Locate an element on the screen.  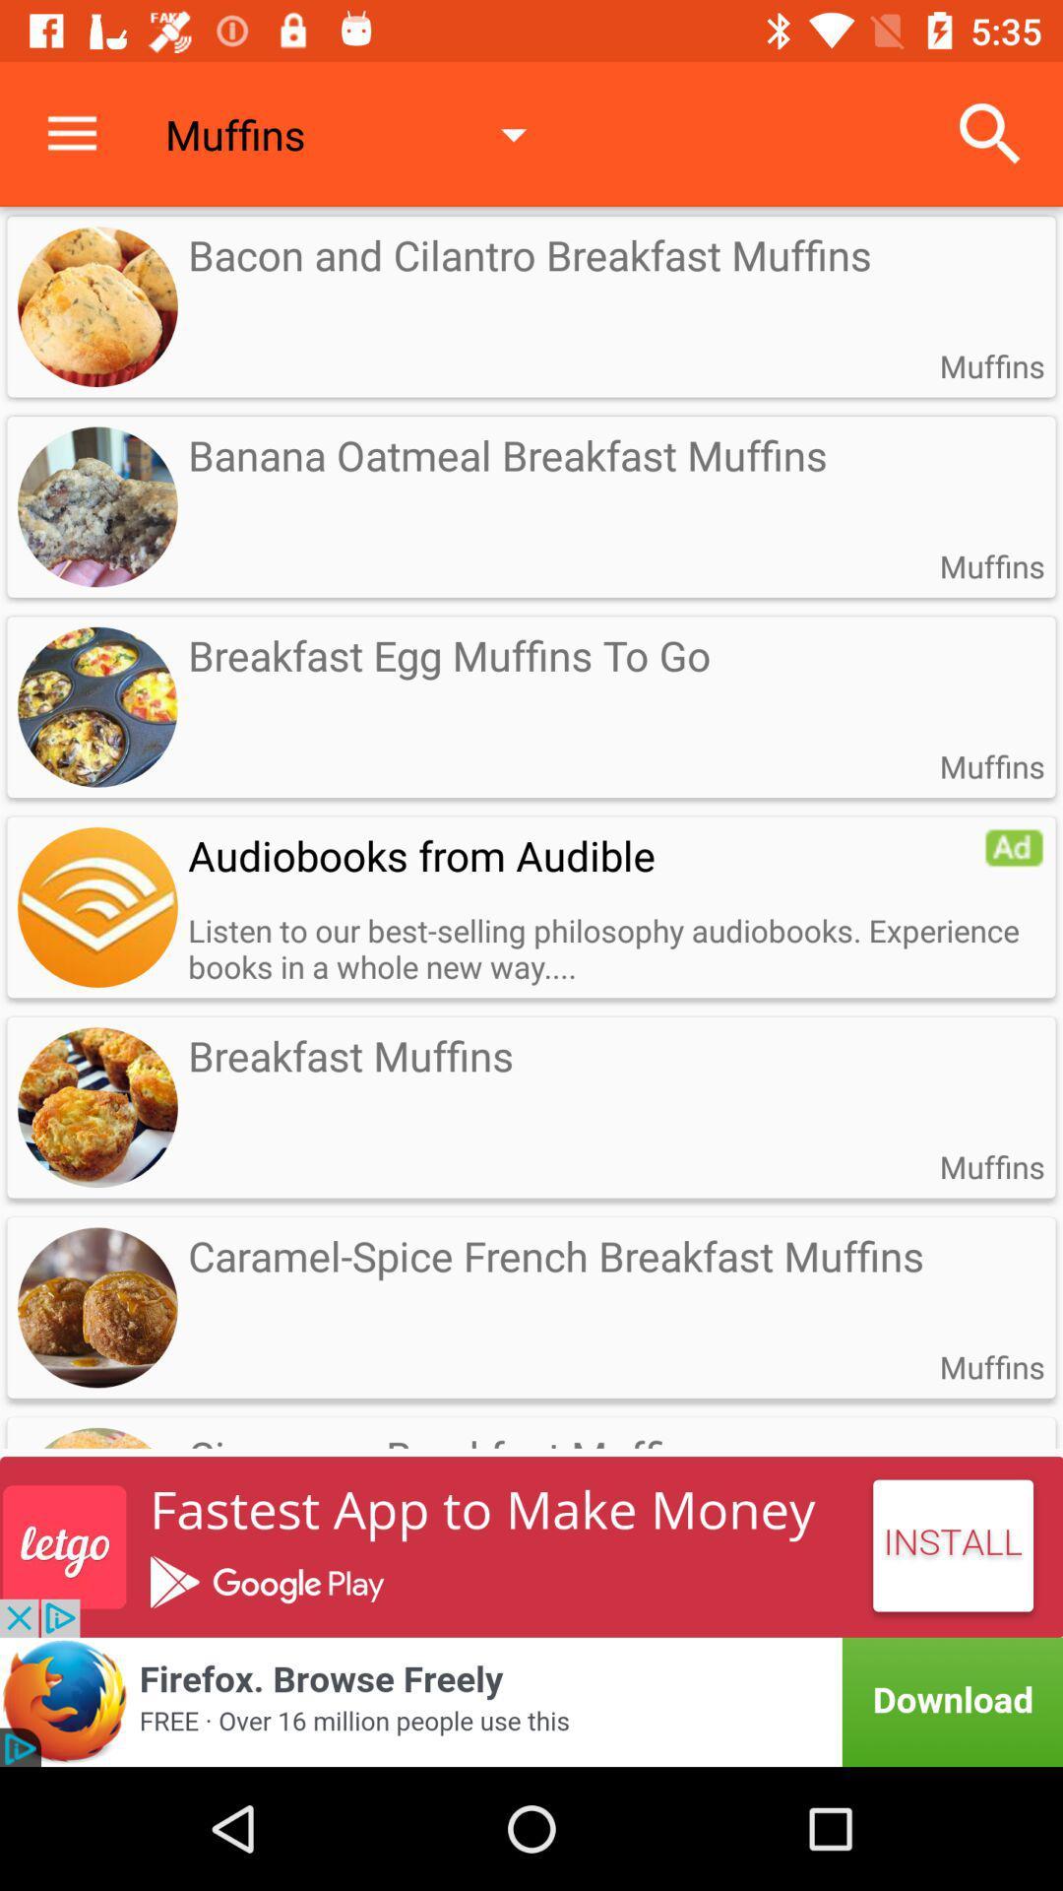
firebox advertisement is located at coordinates (531, 1701).